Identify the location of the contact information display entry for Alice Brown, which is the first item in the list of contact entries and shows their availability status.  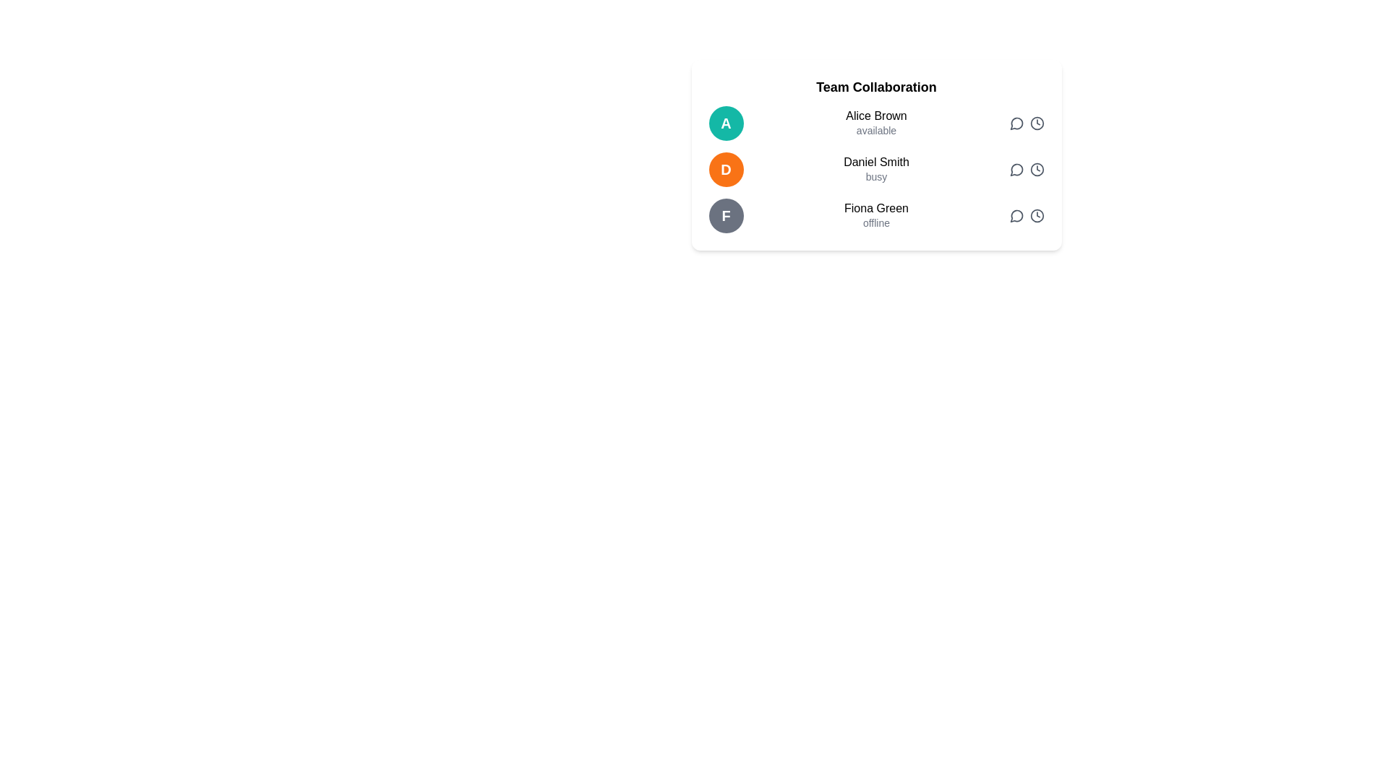
(875, 122).